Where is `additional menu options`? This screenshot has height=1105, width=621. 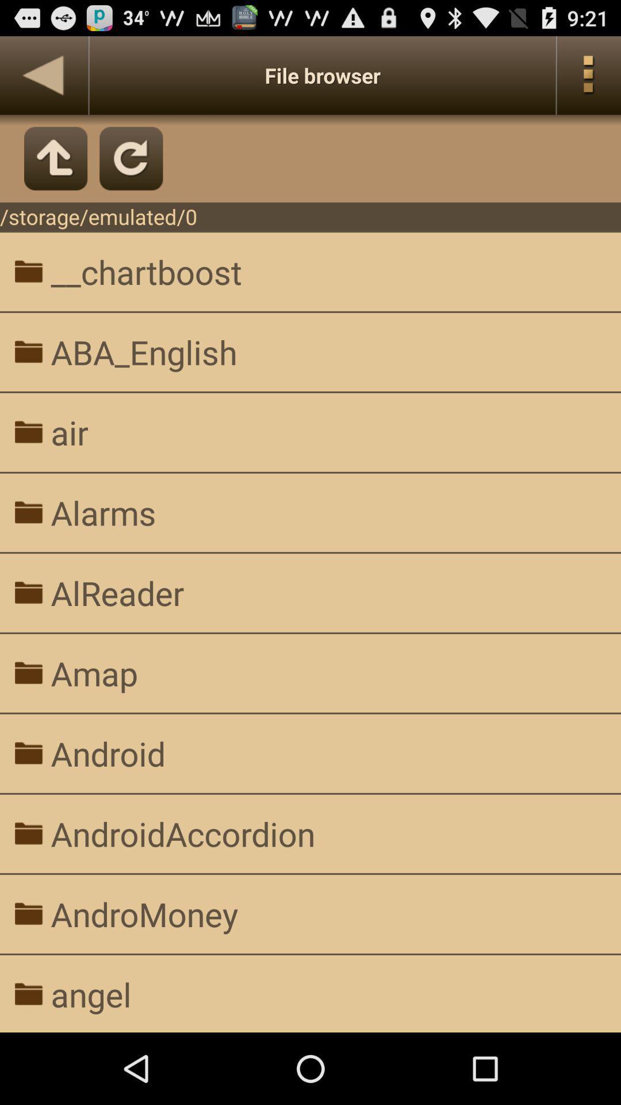
additional menu options is located at coordinates (589, 75).